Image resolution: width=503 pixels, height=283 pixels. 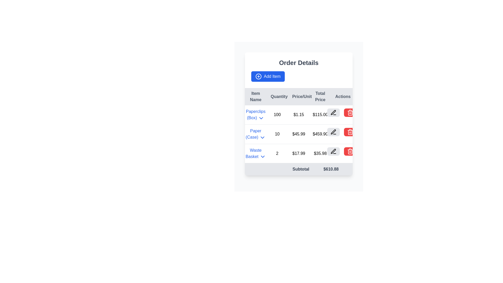 What do you see at coordinates (299, 115) in the screenshot?
I see `the text displaying the unit price of 'Paperclips (Box)', which is located under the 'Price/Unit' header in the first item row` at bounding box center [299, 115].